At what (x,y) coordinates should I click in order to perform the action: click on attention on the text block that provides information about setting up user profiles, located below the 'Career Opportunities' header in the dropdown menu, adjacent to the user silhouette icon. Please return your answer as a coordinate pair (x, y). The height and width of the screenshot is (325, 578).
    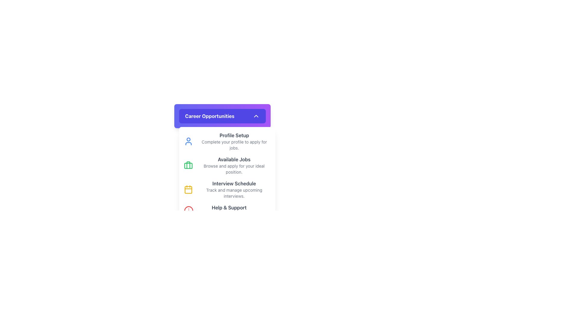
    Looking at the image, I should click on (234, 141).